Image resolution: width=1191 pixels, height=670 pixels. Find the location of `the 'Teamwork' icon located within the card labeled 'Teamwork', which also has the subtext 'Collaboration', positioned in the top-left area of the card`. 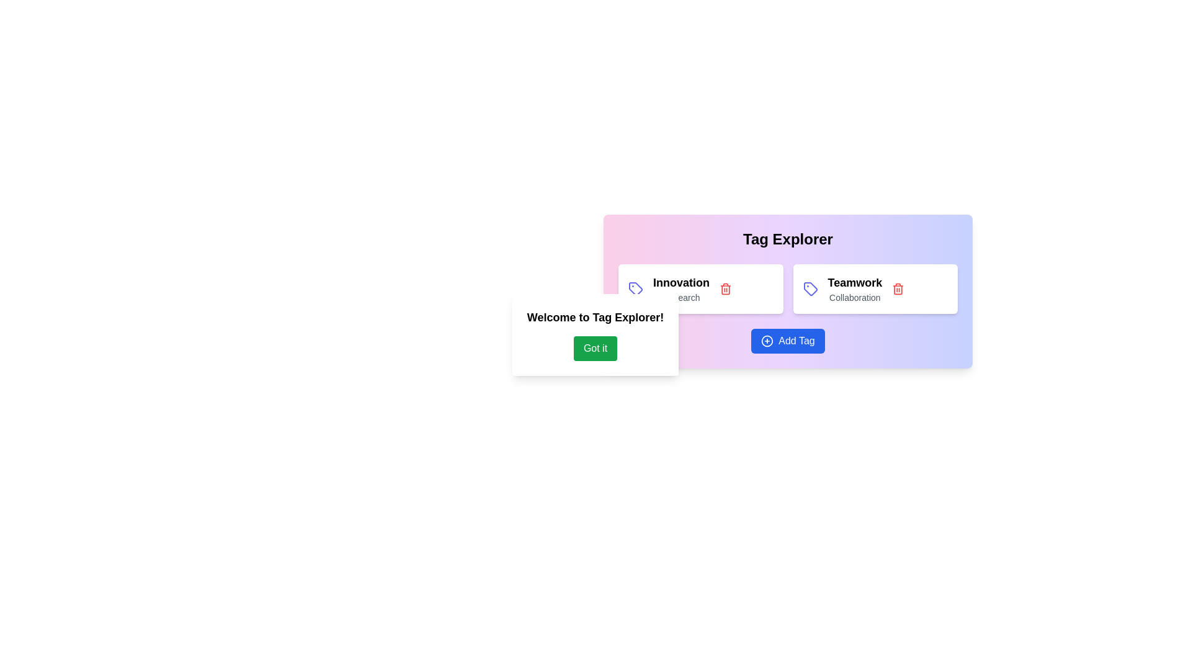

the 'Teamwork' icon located within the card labeled 'Teamwork', which also has the subtext 'Collaboration', positioned in the top-left area of the card is located at coordinates (810, 289).